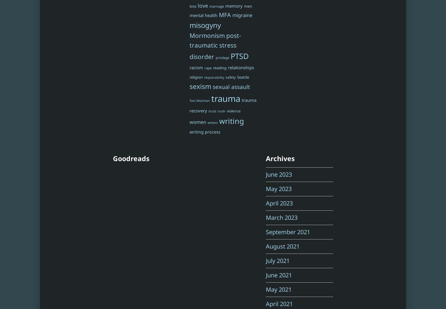 The width and height of the screenshot is (446, 309). Describe the element at coordinates (233, 5) in the screenshot. I see `'memory'` at that location.